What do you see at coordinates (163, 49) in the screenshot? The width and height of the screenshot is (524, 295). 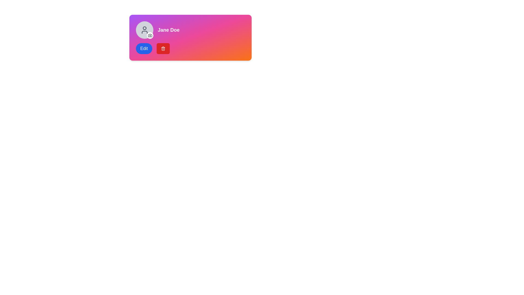 I see `the trash can icon within the delete button, which is part of a red square button indicating delete functionality` at bounding box center [163, 49].